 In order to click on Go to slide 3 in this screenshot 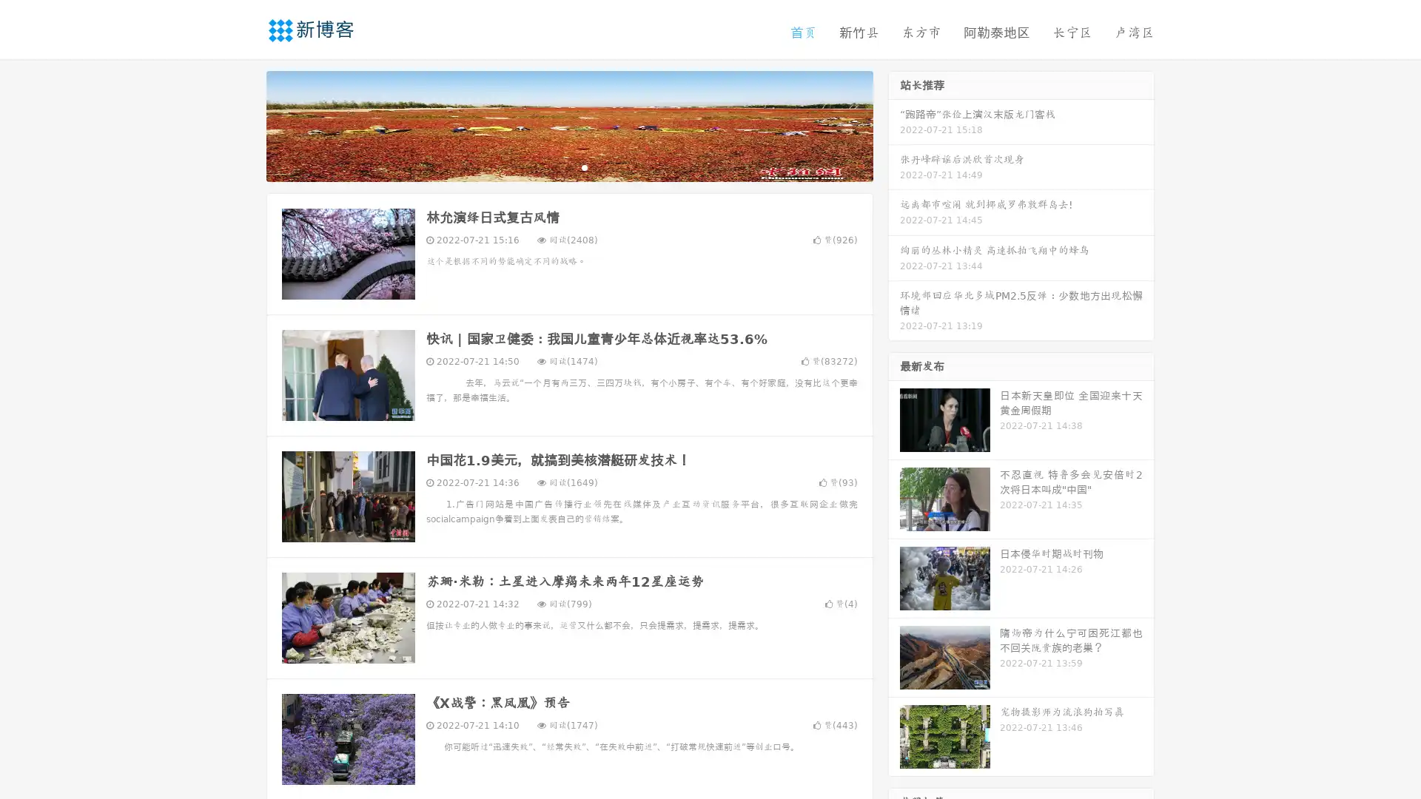, I will do `click(584, 166)`.